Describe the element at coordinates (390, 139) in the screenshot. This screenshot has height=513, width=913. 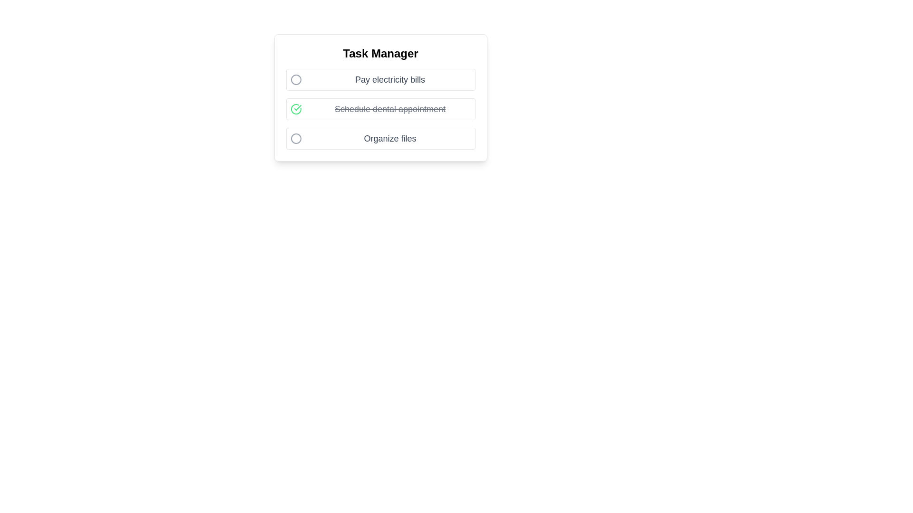
I see `text label 'Organize files' which is the third item in the task list of the 'Task Manager'` at that location.